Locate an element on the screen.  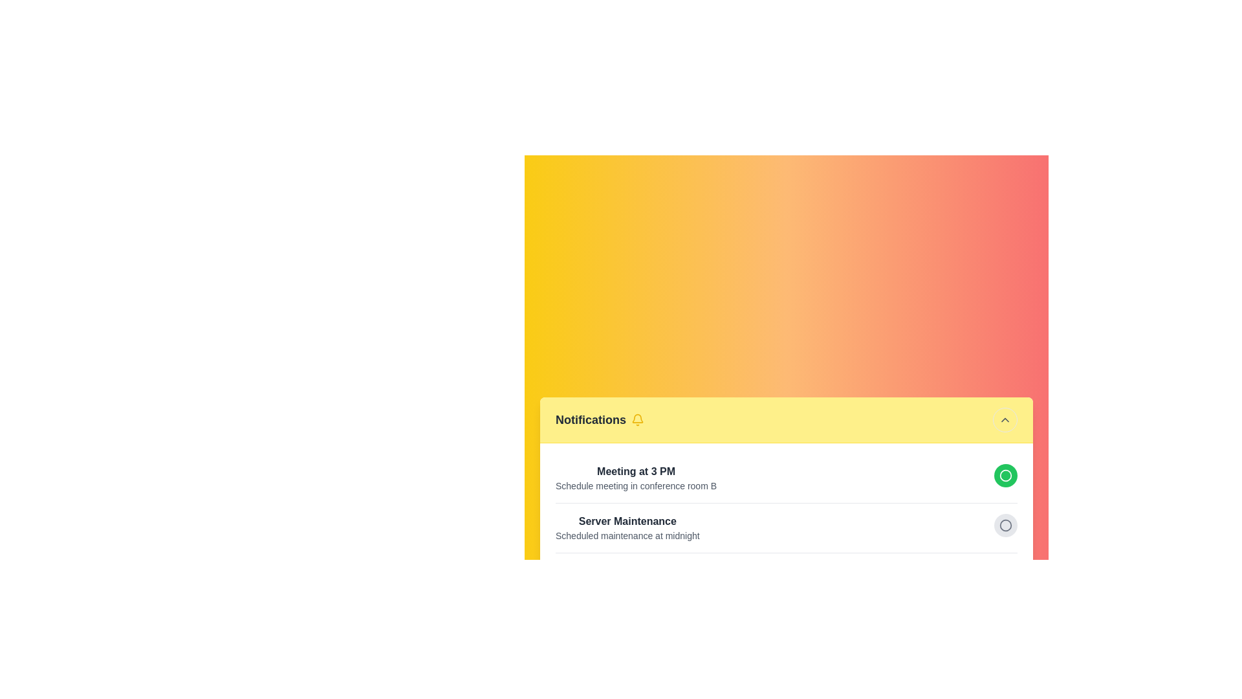
the circular button located in the lower-right part of the list or card interface, which is styled as a rounded button with a green background and white content is located at coordinates (1005, 573).